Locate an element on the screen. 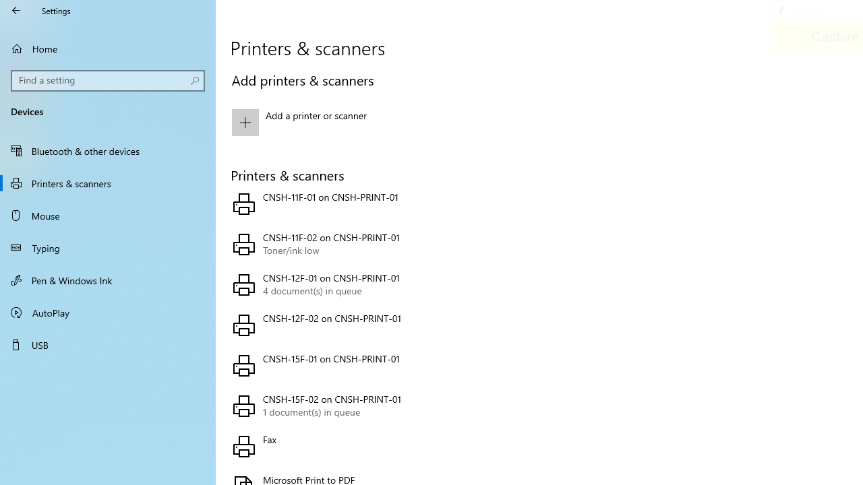  'Printers & scanners' is located at coordinates (108, 183).